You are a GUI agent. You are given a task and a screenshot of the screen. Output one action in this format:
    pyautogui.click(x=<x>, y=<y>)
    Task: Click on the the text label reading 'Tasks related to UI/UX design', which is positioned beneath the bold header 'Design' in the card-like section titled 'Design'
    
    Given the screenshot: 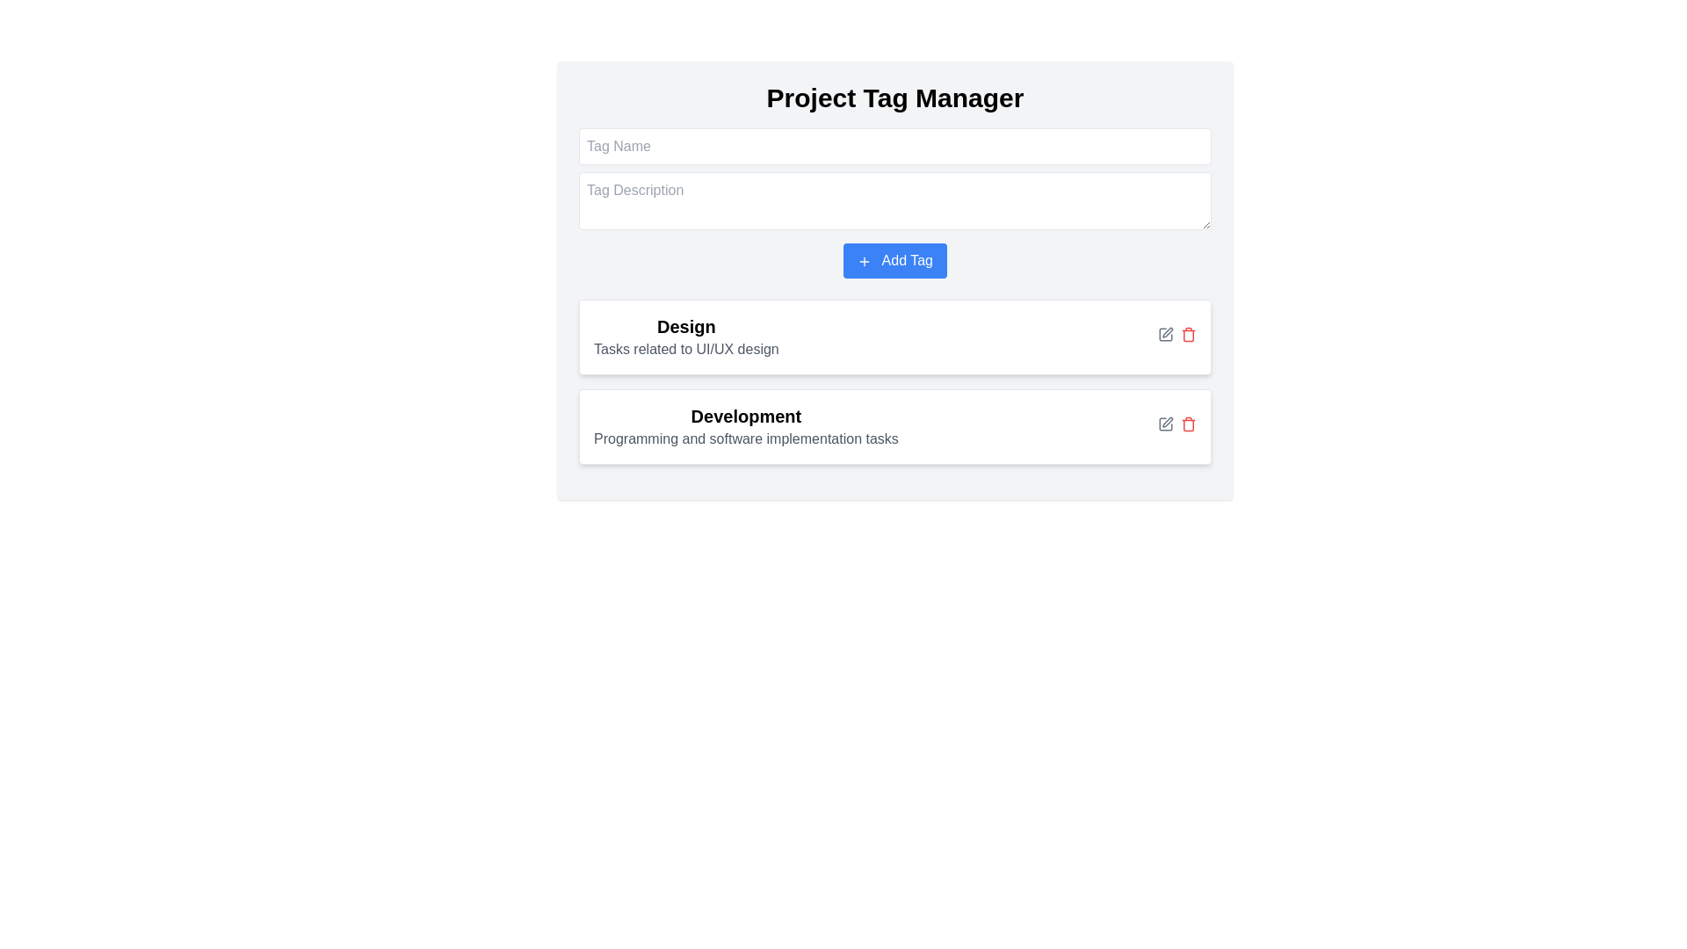 What is the action you would take?
    pyautogui.click(x=685, y=349)
    